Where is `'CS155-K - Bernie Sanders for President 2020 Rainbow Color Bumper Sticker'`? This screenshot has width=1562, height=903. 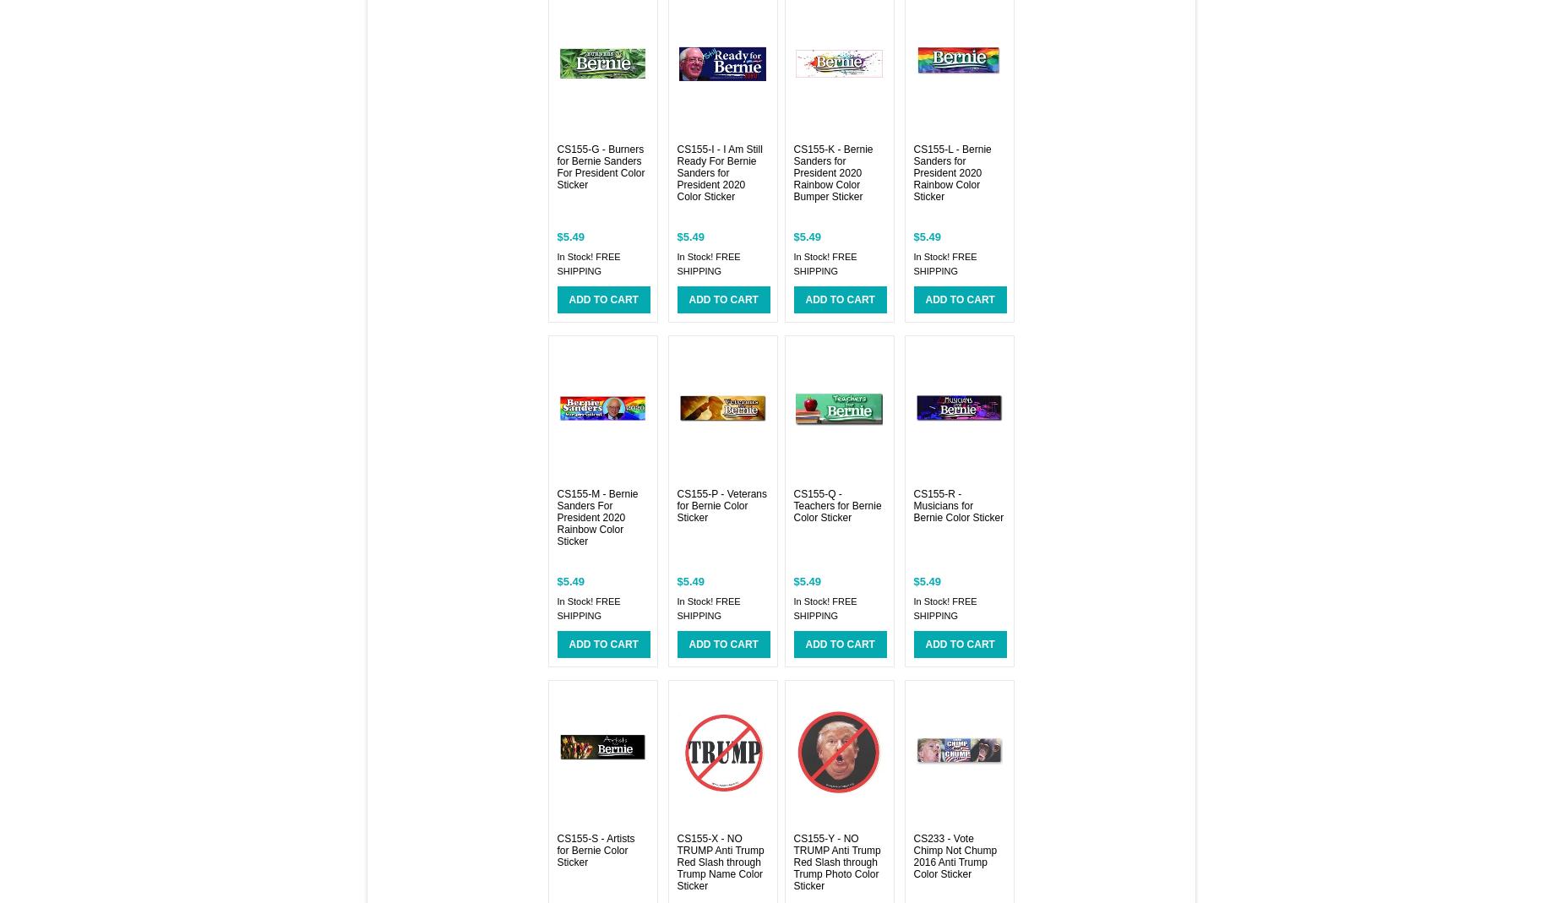 'CS155-K - Bernie Sanders for President 2020 Rainbow Color Bumper Sticker' is located at coordinates (792, 173).